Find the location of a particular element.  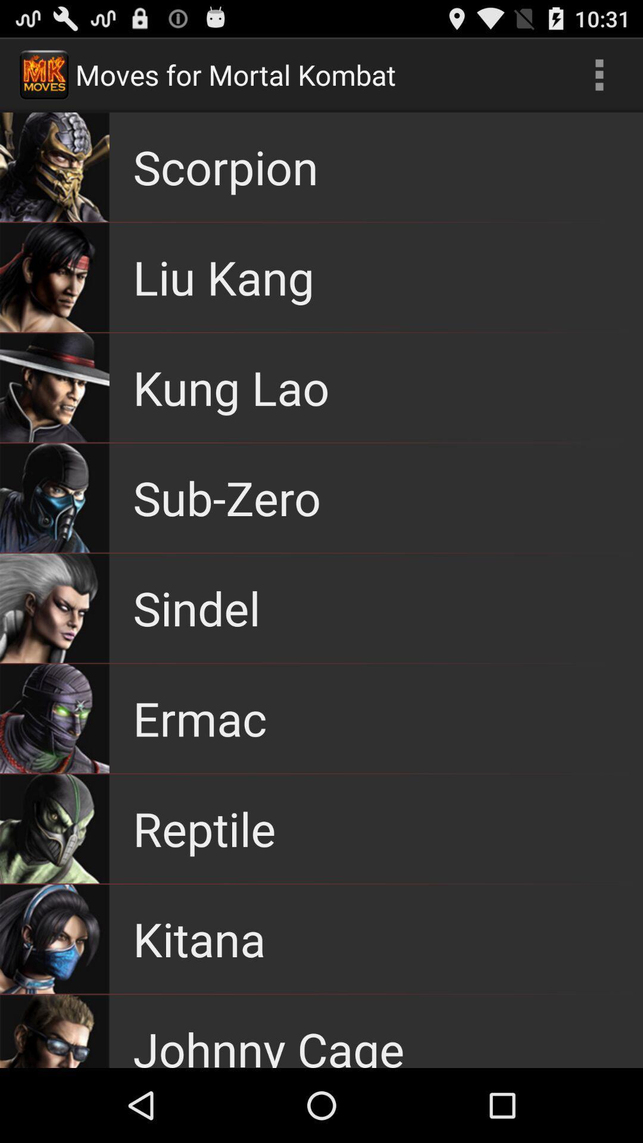

the icon at the top right corner is located at coordinates (599, 74).